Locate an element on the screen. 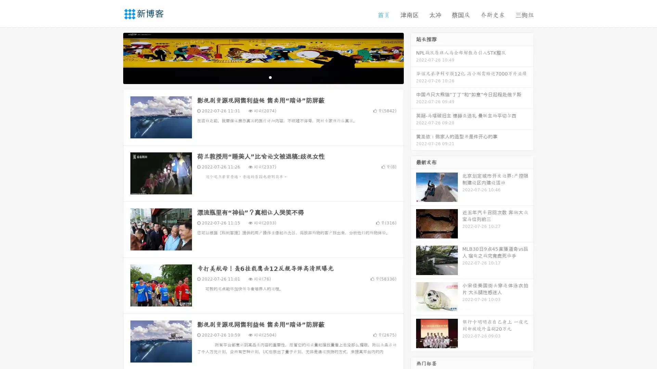  Previous slide is located at coordinates (113, 57).